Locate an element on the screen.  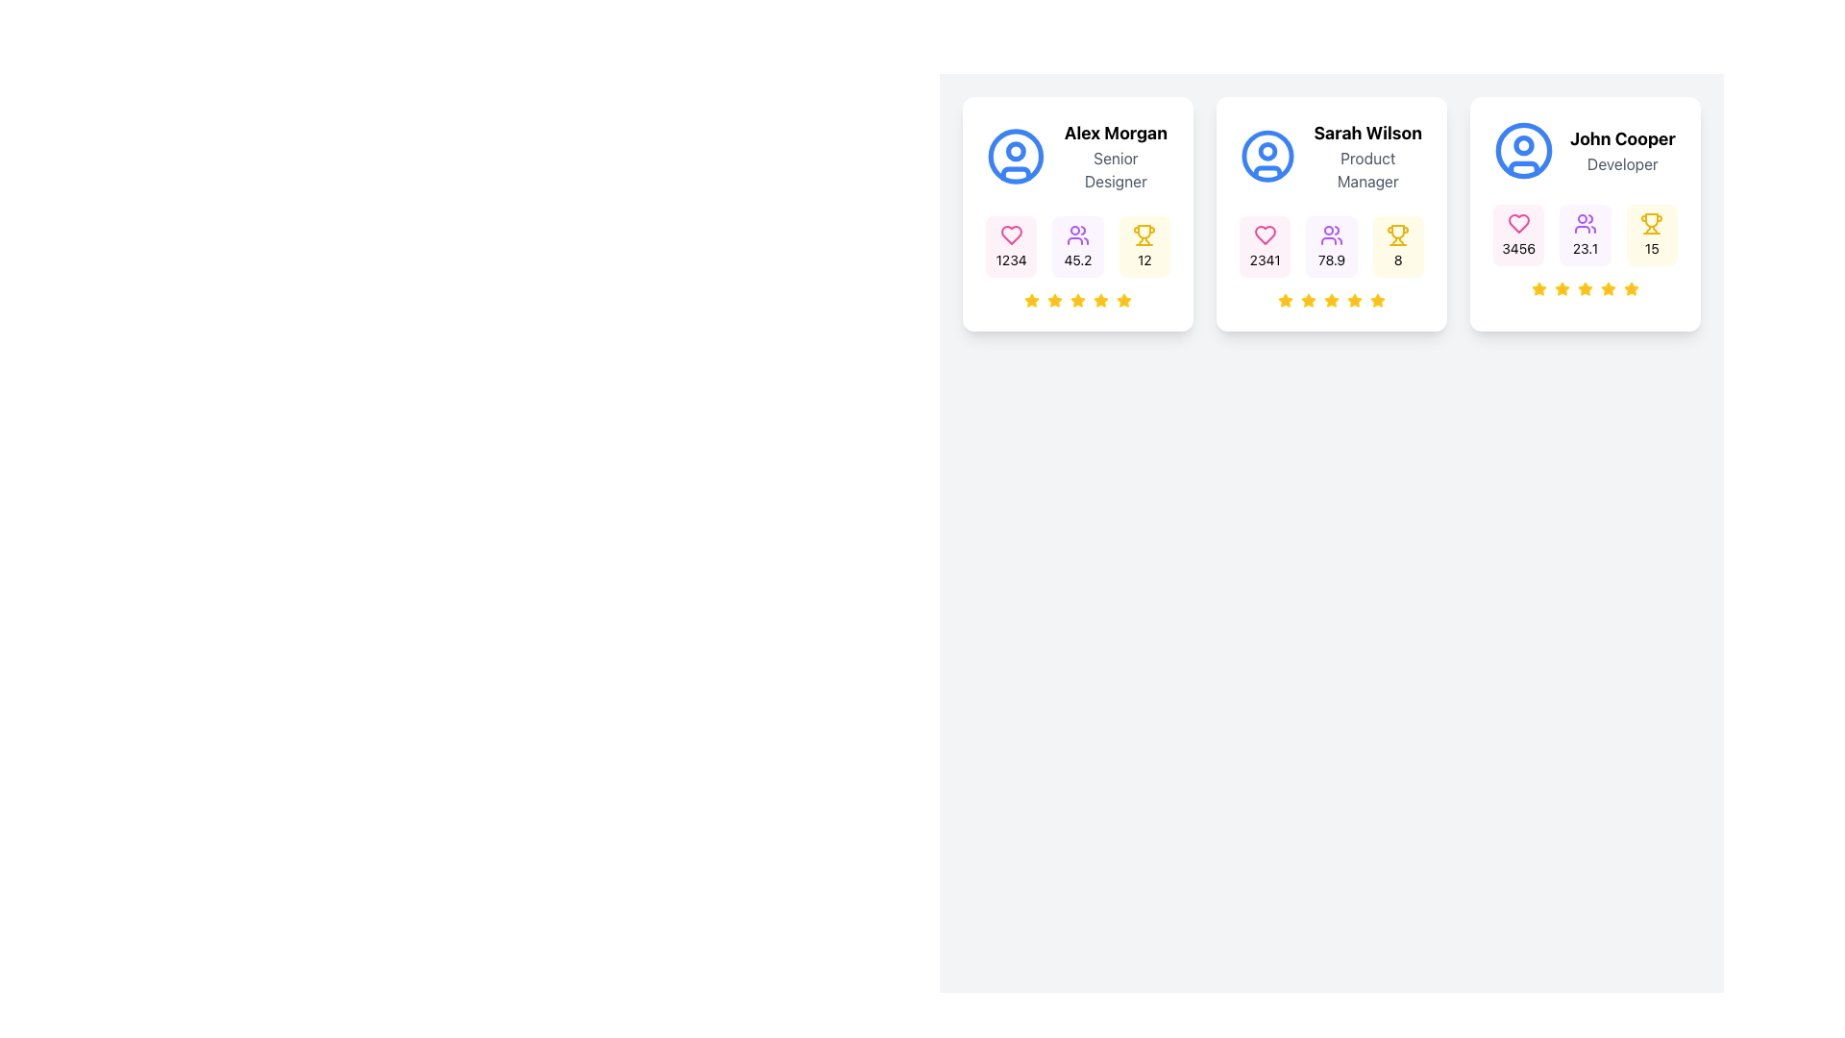
the Statistical display component featuring a pink heart icon and the number 1234, located in the top left of the grid within the white card labeled 'Alex Morgan' is located at coordinates (1010, 246).